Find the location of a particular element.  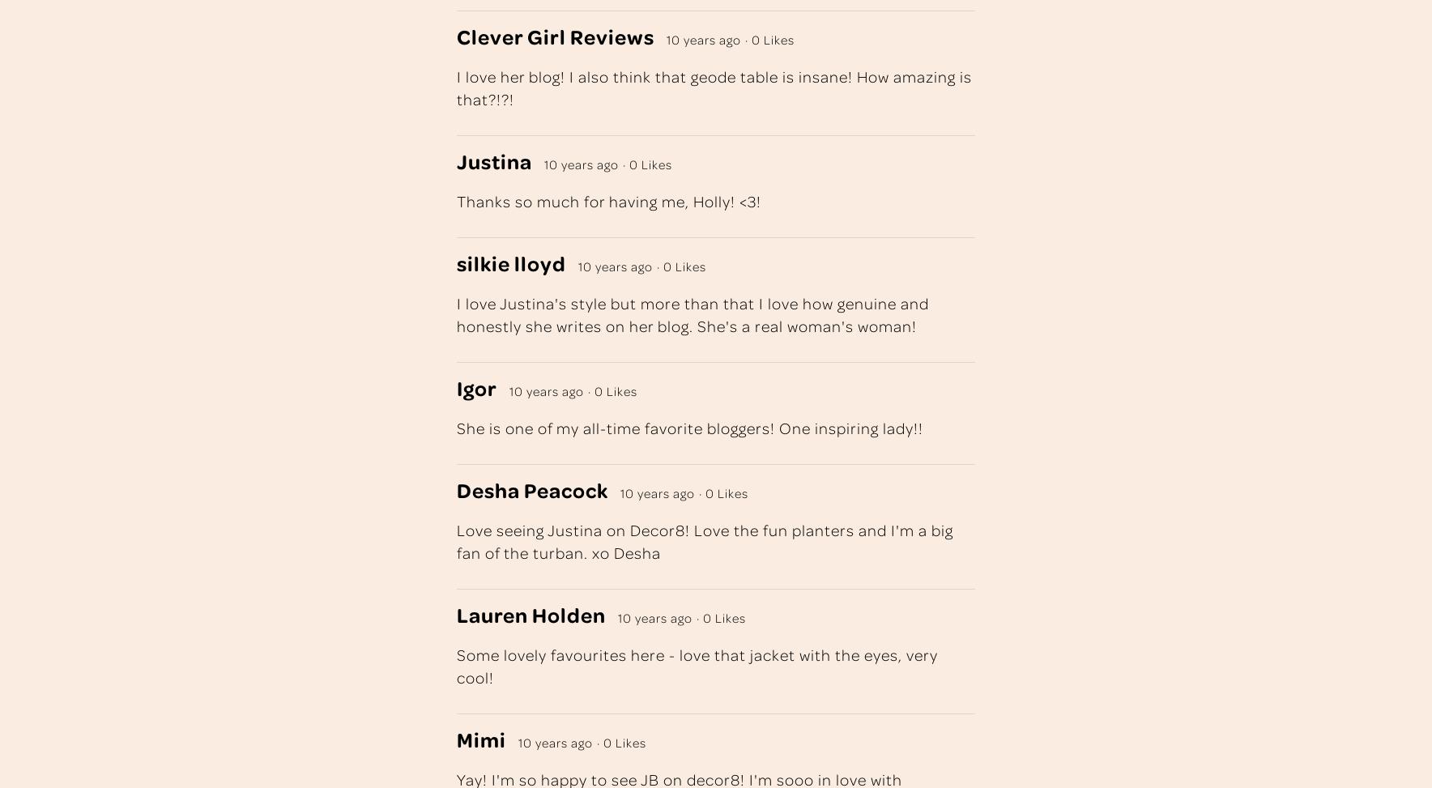

'Clever Girl Reviews' is located at coordinates (555, 36).